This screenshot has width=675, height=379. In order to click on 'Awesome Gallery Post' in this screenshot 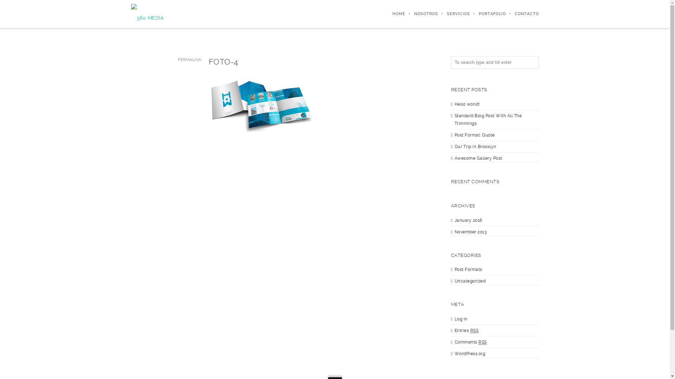, I will do `click(454, 158)`.